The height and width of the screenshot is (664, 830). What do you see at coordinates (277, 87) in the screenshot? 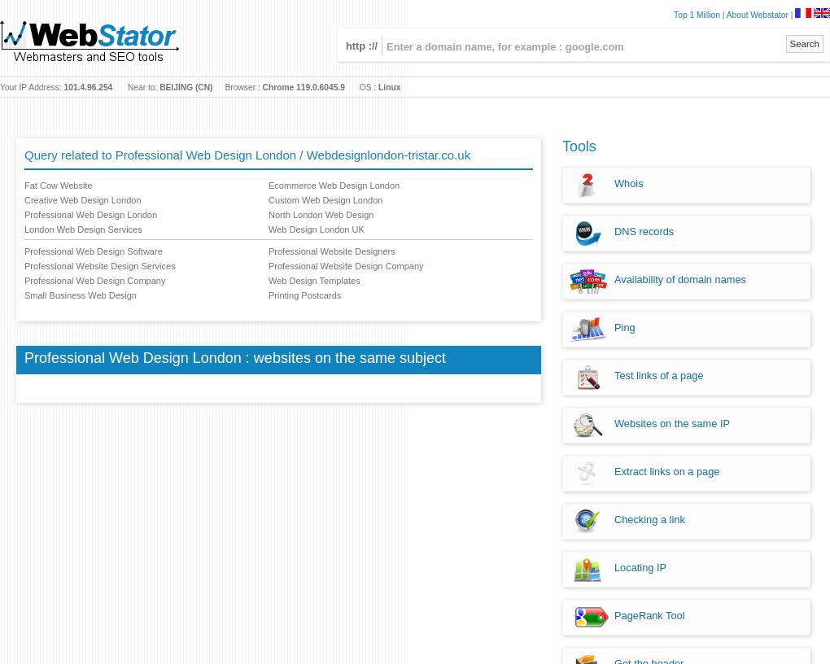
I see `'Chrome'` at bounding box center [277, 87].